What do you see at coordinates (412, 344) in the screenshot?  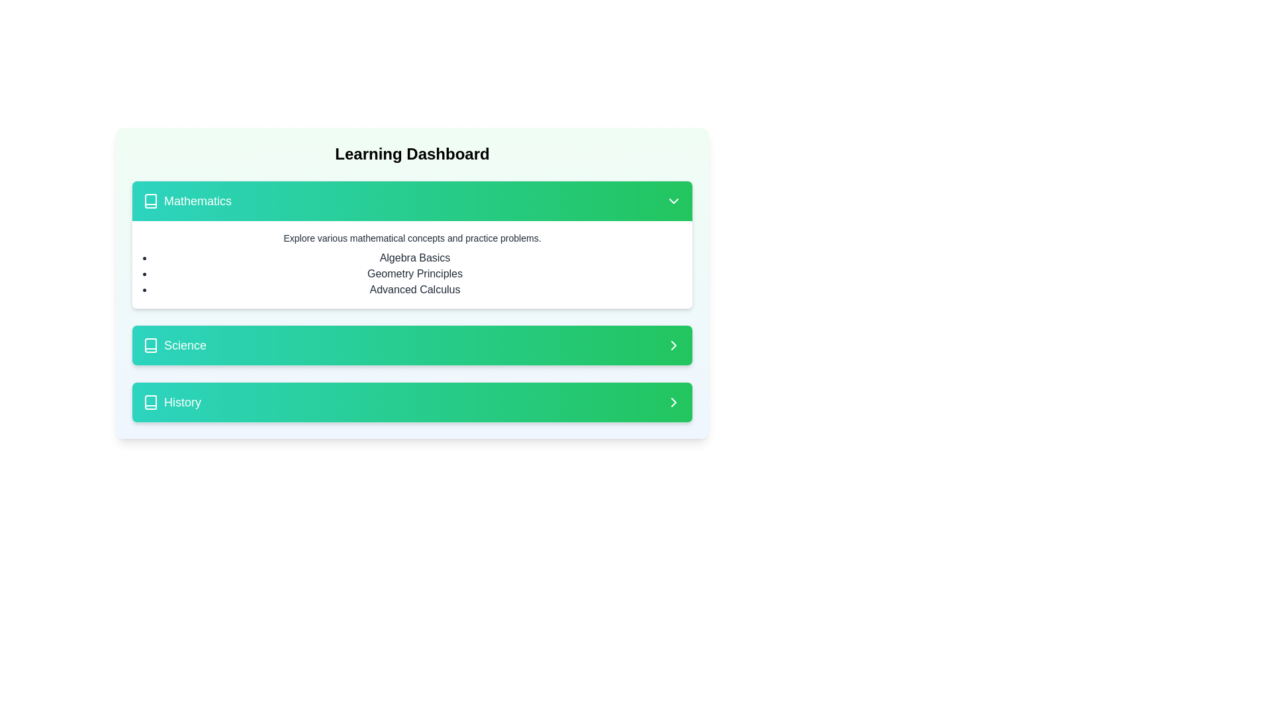 I see `the 'Science' category button located in the vertical list of sections, positioned between 'Mathematics' above and 'History' below` at bounding box center [412, 344].